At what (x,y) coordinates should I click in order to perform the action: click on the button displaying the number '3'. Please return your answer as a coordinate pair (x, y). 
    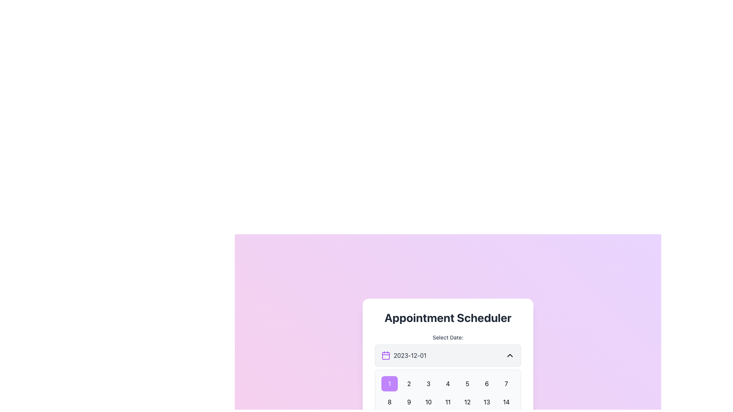
    Looking at the image, I should click on (428, 384).